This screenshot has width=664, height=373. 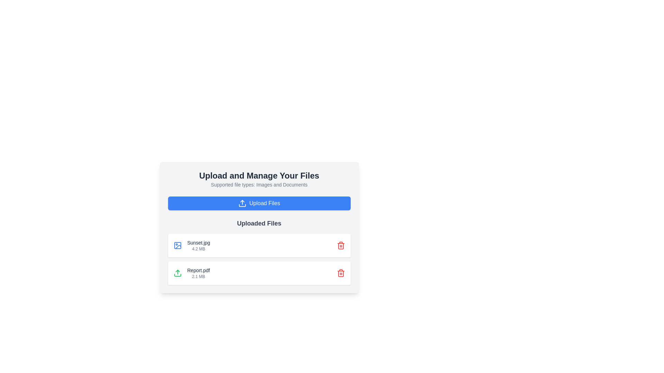 I want to click on the upload icon positioned to the left of the 'Upload Files' button, which is part of the 'Upload and Manage Your Files' section, so click(x=242, y=203).